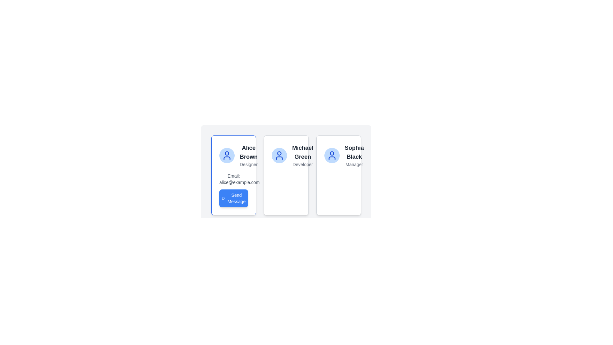  I want to click on the circular graphic with a blue stroke located at the top of the user profile icon in the card labeled 'Michael Green', so click(279, 153).